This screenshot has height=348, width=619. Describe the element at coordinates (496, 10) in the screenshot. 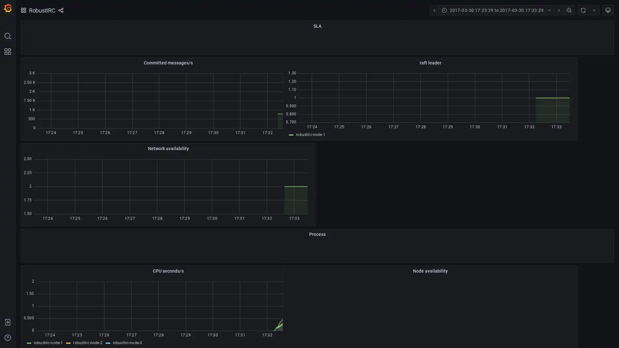

I see `Time range picker with current time range 2017-03-30 17:23:29 to 2017-03-30 17:33:29 selected` at that location.